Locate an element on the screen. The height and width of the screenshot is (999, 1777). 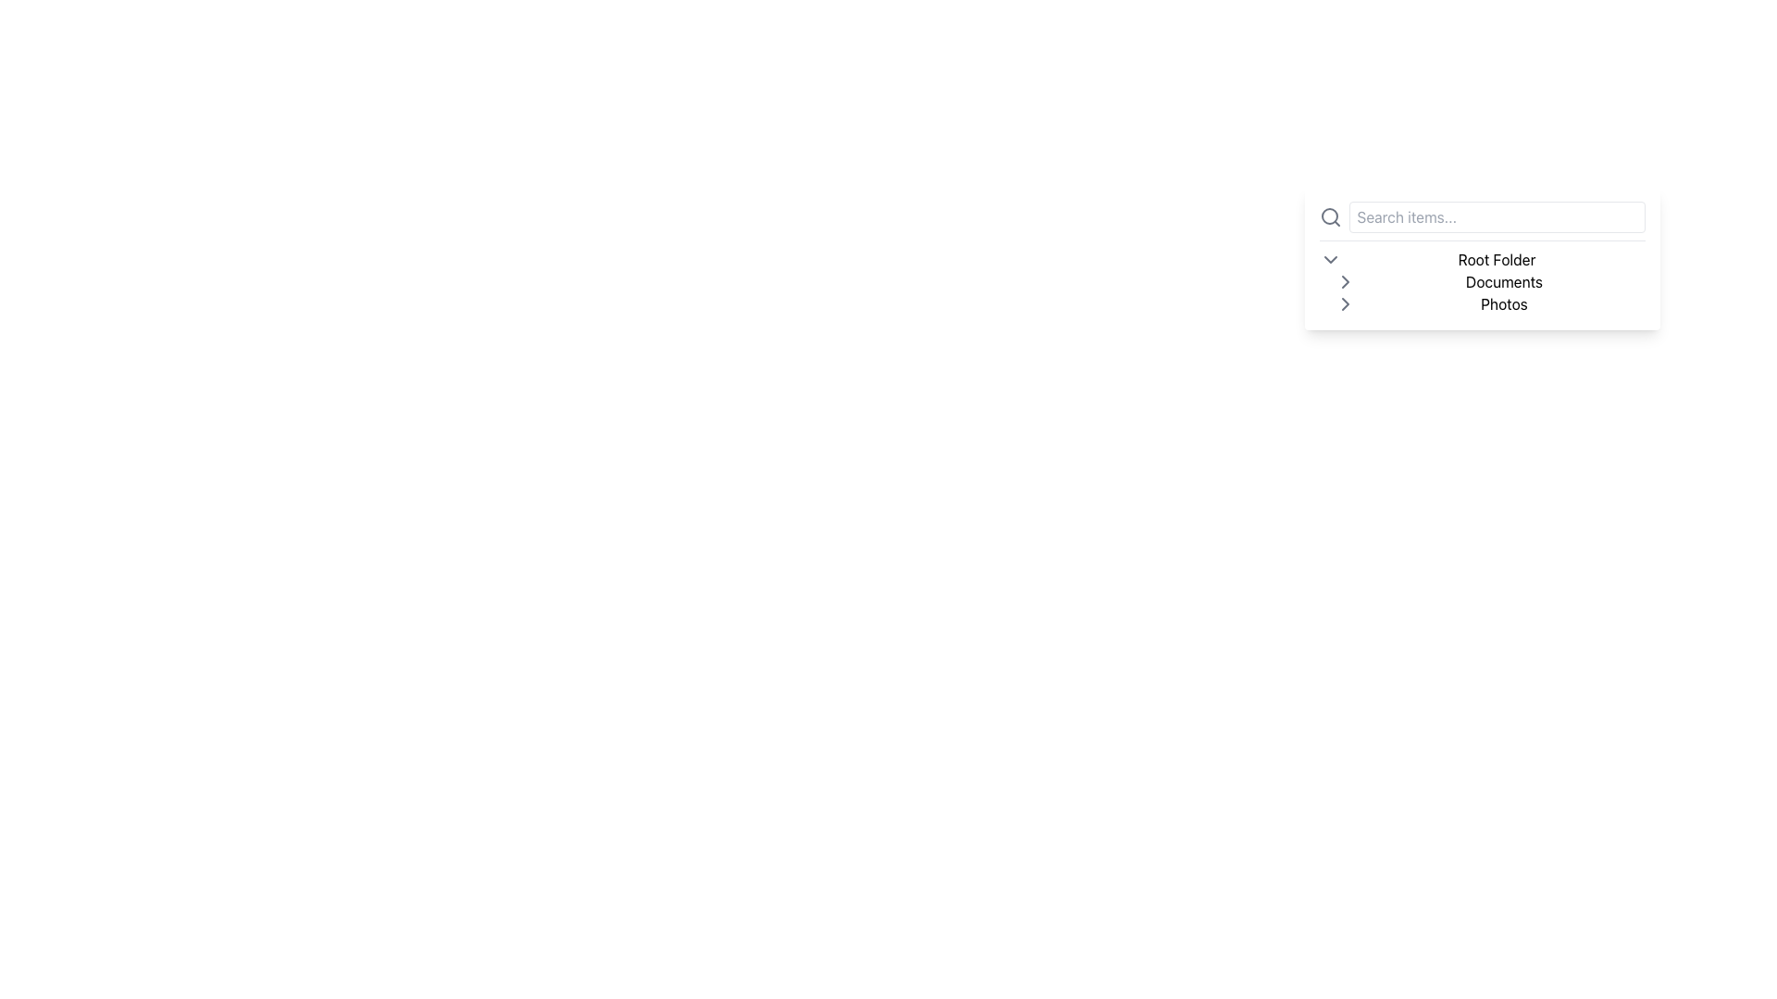
the Chevron Icon located to the left of the 'Photos' text is located at coordinates (1345, 302).